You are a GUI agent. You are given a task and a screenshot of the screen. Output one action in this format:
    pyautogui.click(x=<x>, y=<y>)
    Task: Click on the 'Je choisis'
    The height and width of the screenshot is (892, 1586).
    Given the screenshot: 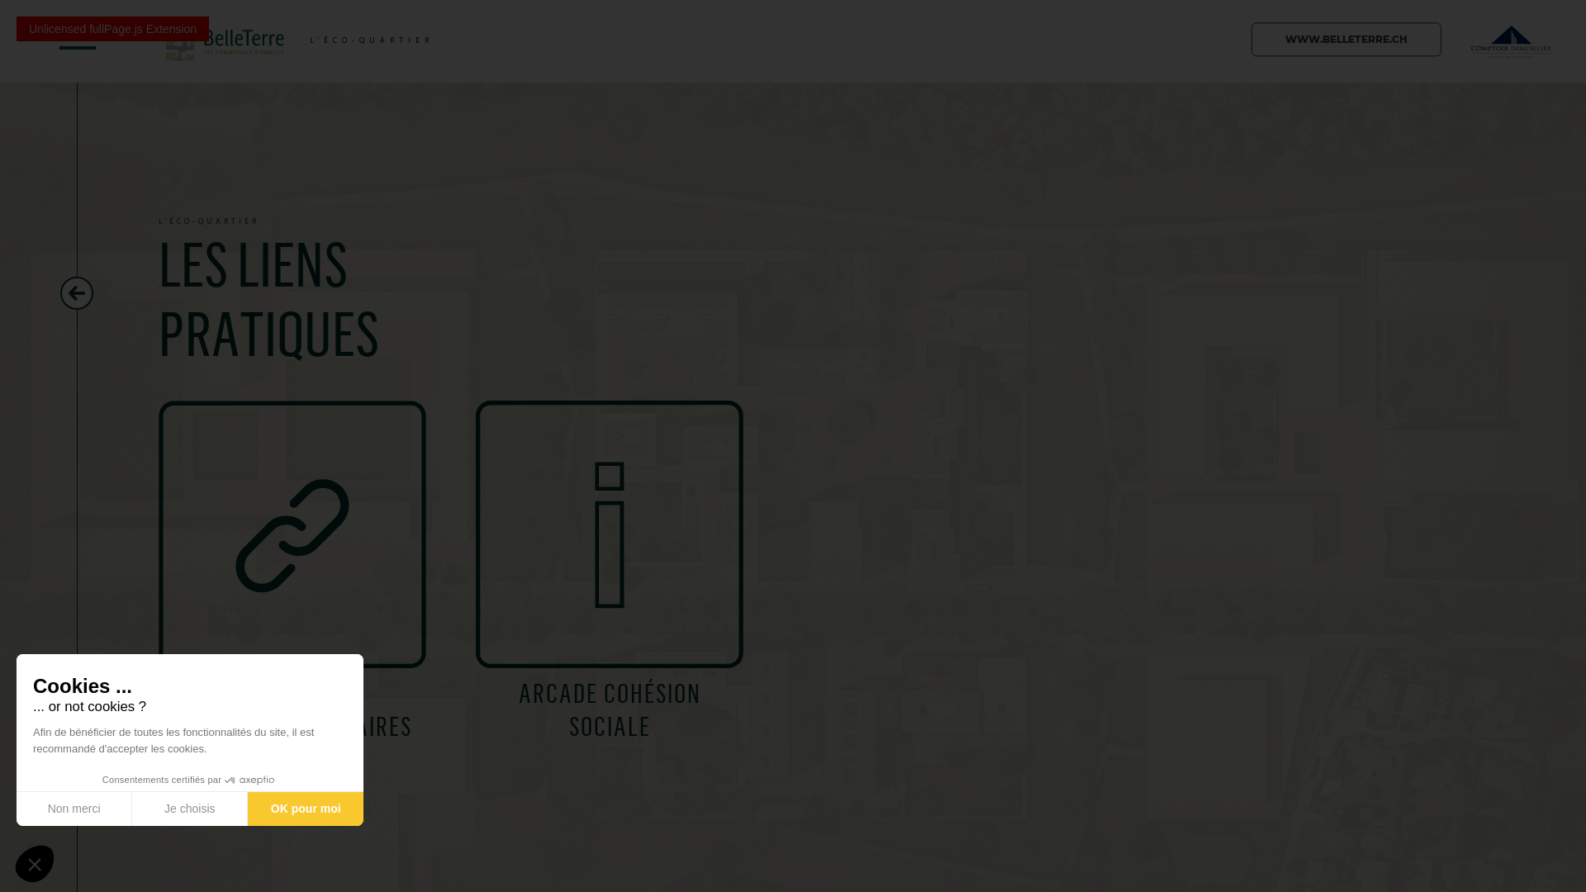 What is the action you would take?
    pyautogui.click(x=190, y=808)
    